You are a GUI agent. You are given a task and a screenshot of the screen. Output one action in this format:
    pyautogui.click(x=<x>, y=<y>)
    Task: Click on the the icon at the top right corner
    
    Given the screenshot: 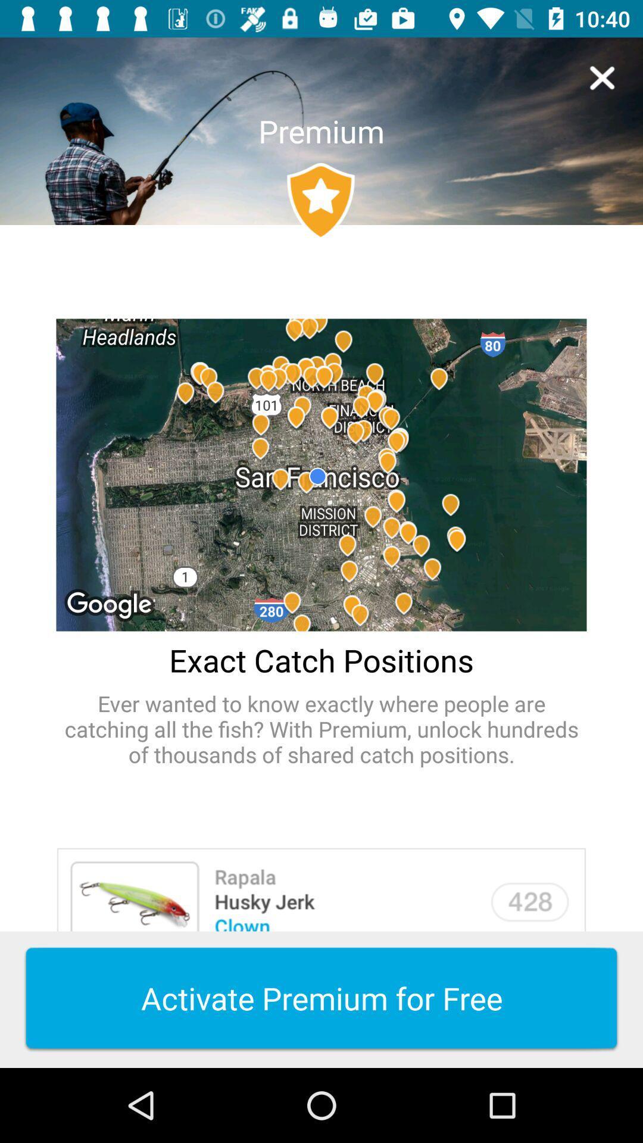 What is the action you would take?
    pyautogui.click(x=602, y=77)
    